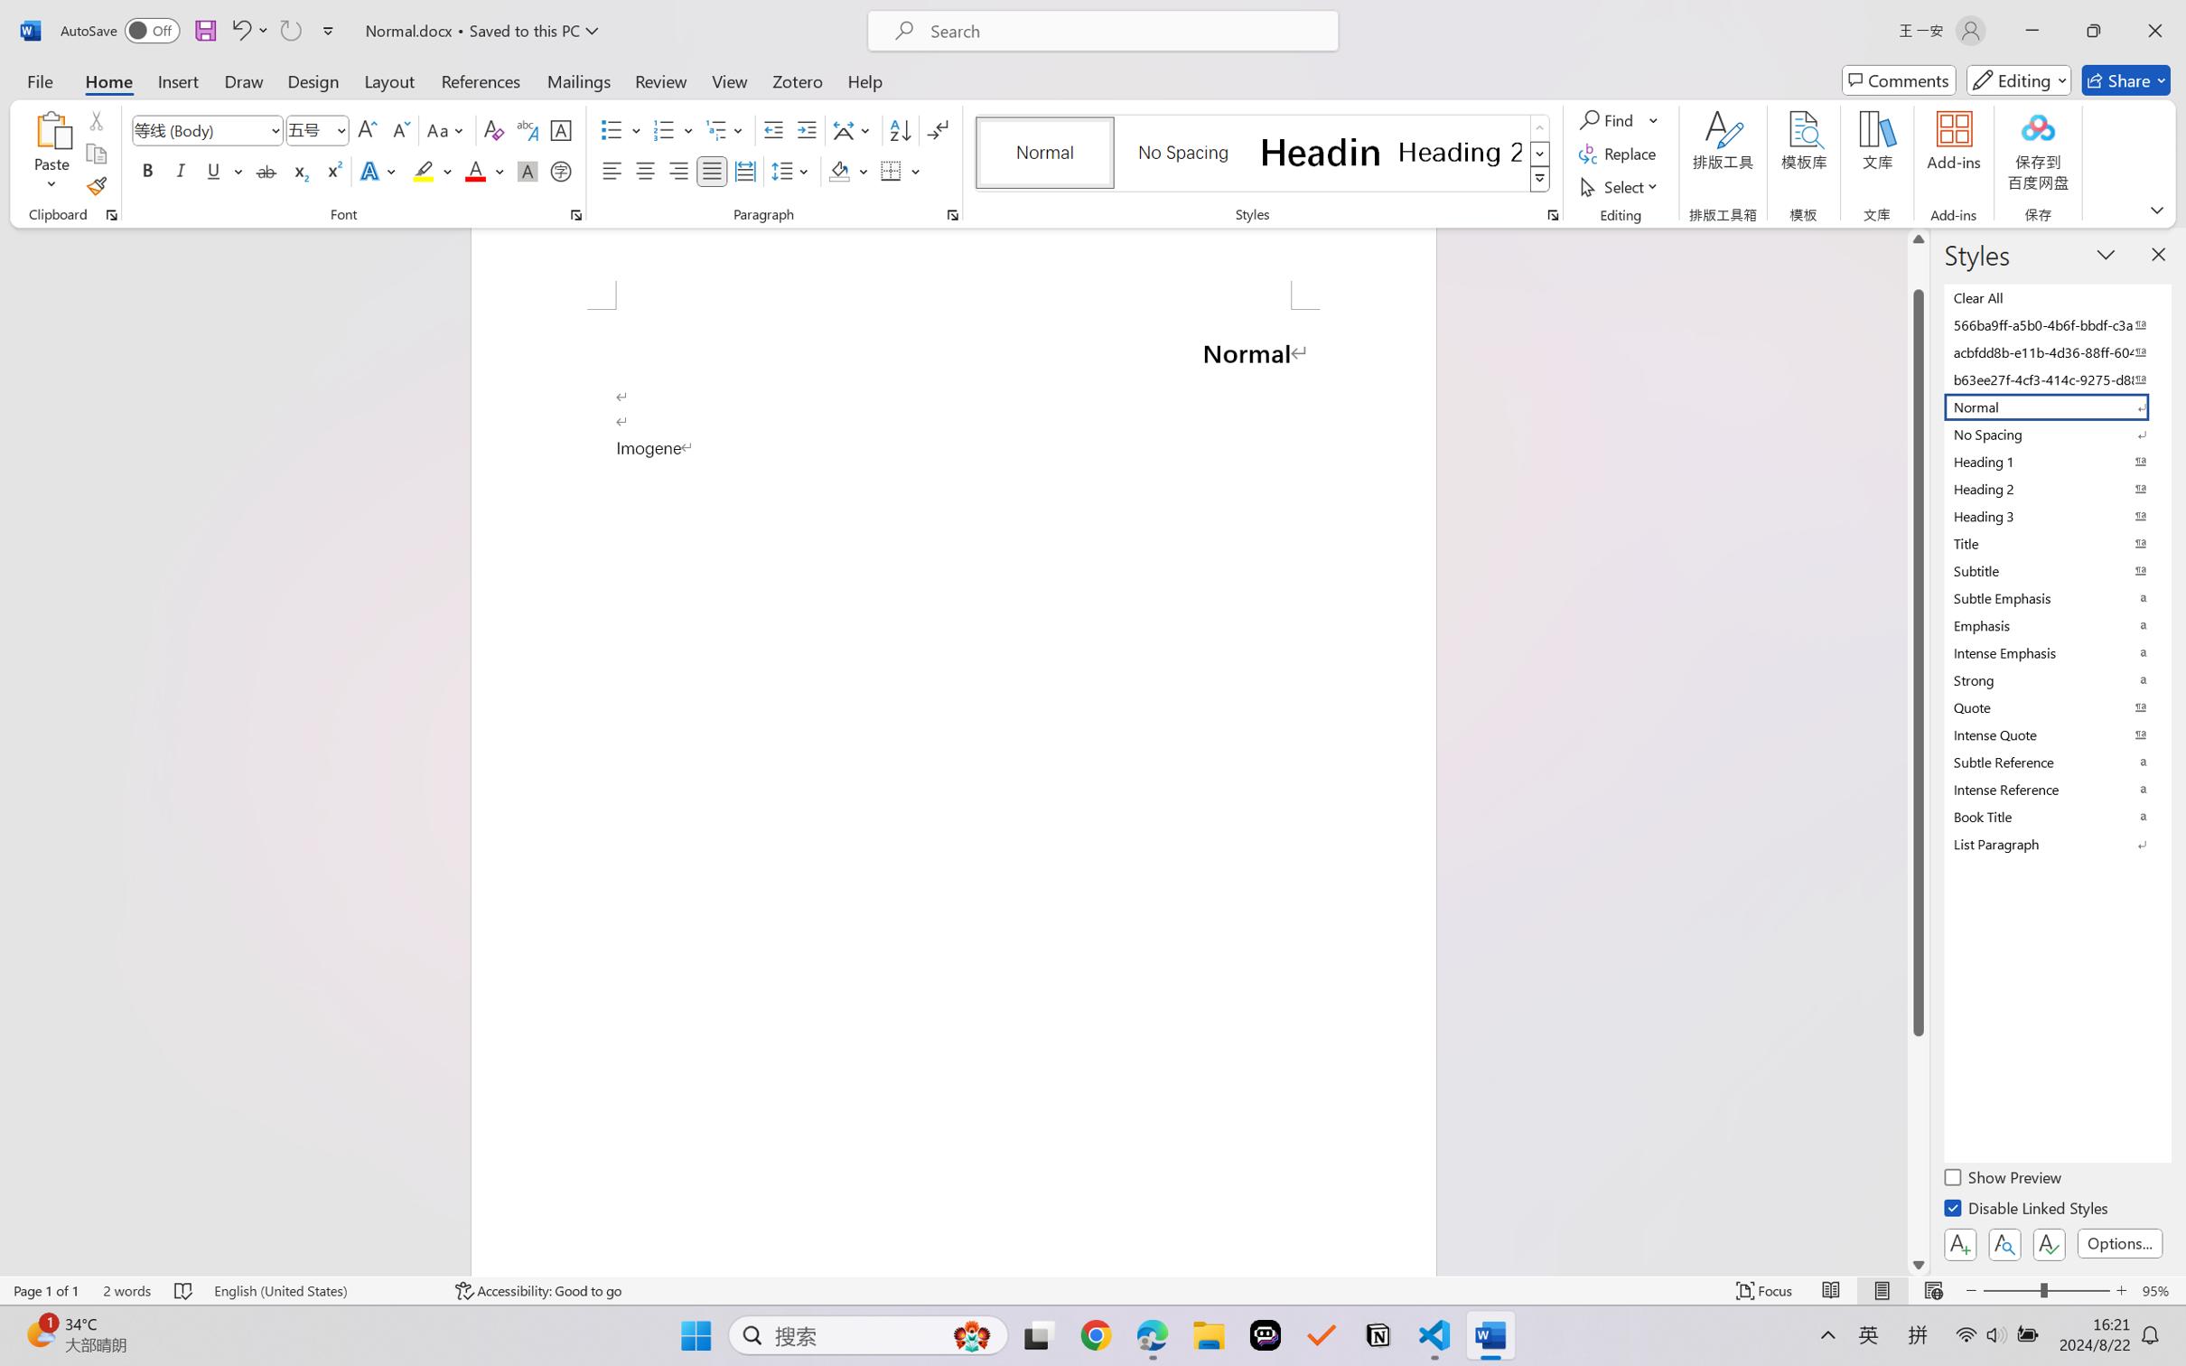 The width and height of the screenshot is (2186, 1366). I want to click on 'Show/Hide Editing Marks', so click(937, 130).